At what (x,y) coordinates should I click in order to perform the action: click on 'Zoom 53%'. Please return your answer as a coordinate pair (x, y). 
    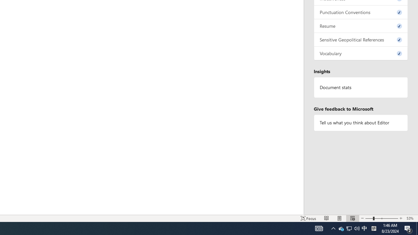
    Looking at the image, I should click on (410, 218).